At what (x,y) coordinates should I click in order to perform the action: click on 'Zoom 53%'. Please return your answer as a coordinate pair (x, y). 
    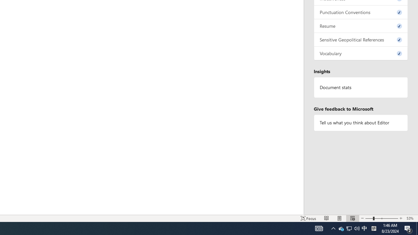
    Looking at the image, I should click on (410, 218).